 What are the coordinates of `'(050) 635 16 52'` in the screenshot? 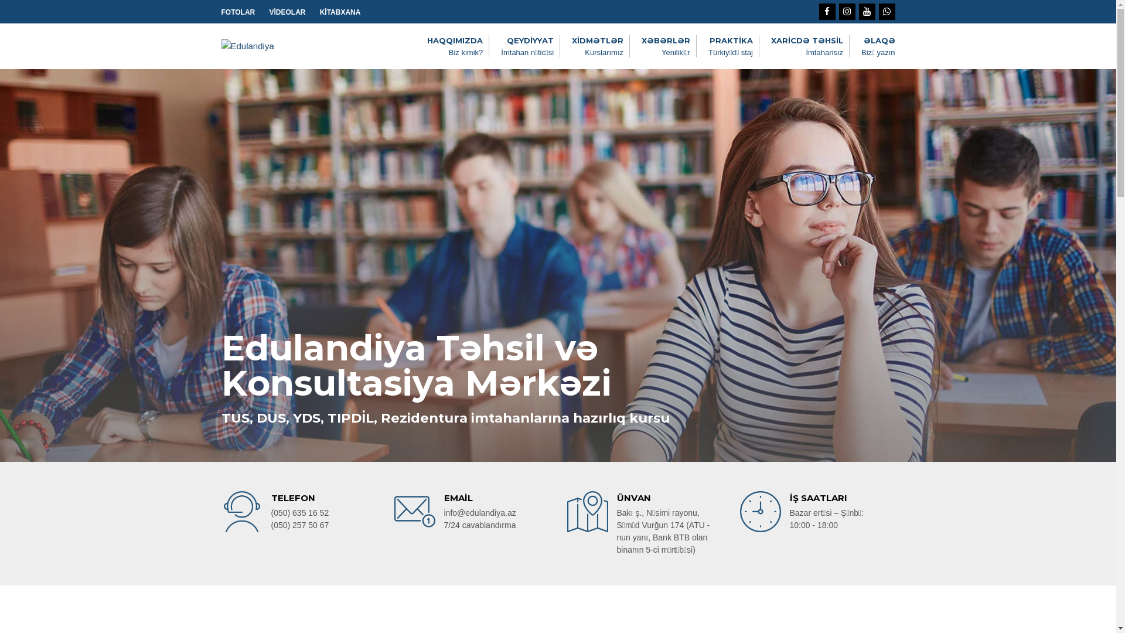 It's located at (270, 512).